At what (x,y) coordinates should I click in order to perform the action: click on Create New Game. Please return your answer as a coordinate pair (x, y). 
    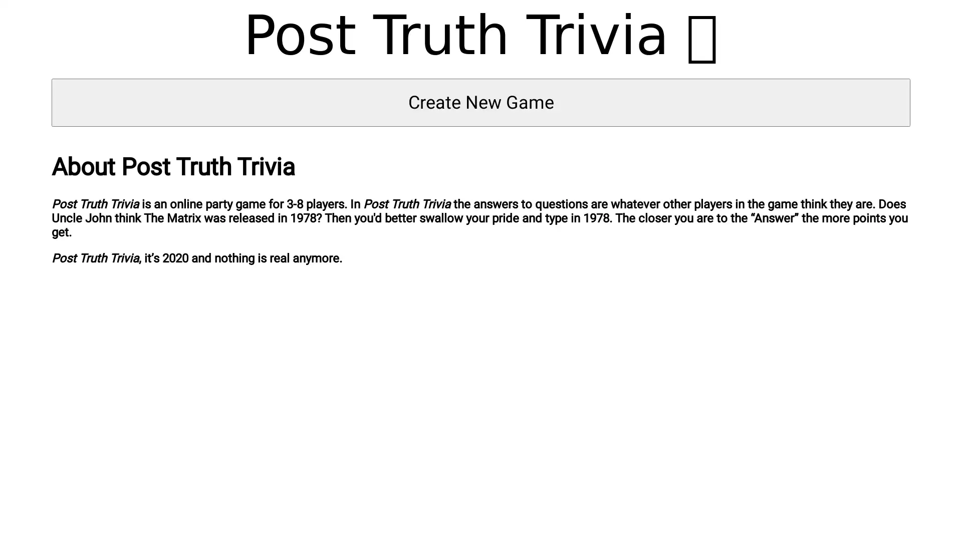
    Looking at the image, I should click on (480, 102).